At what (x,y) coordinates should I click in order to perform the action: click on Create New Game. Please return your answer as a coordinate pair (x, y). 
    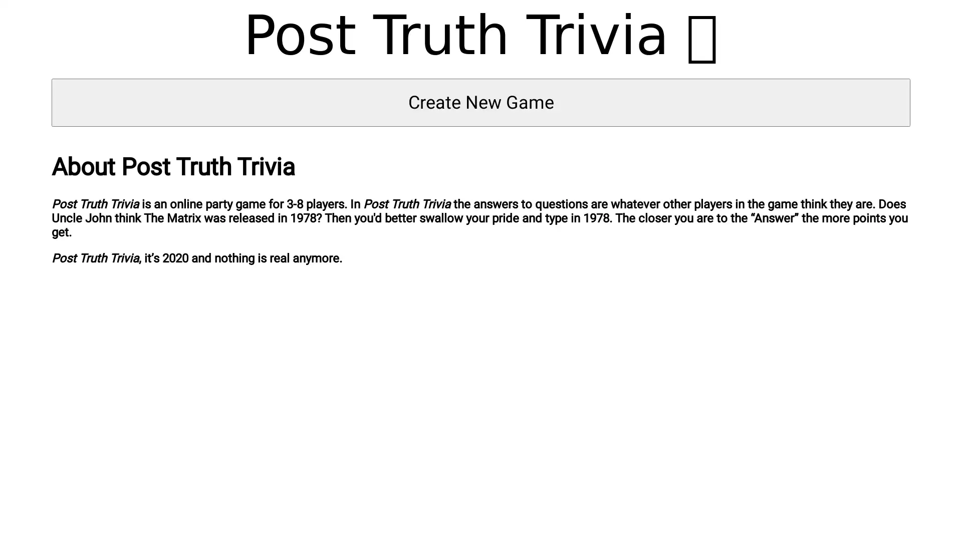
    Looking at the image, I should click on (480, 102).